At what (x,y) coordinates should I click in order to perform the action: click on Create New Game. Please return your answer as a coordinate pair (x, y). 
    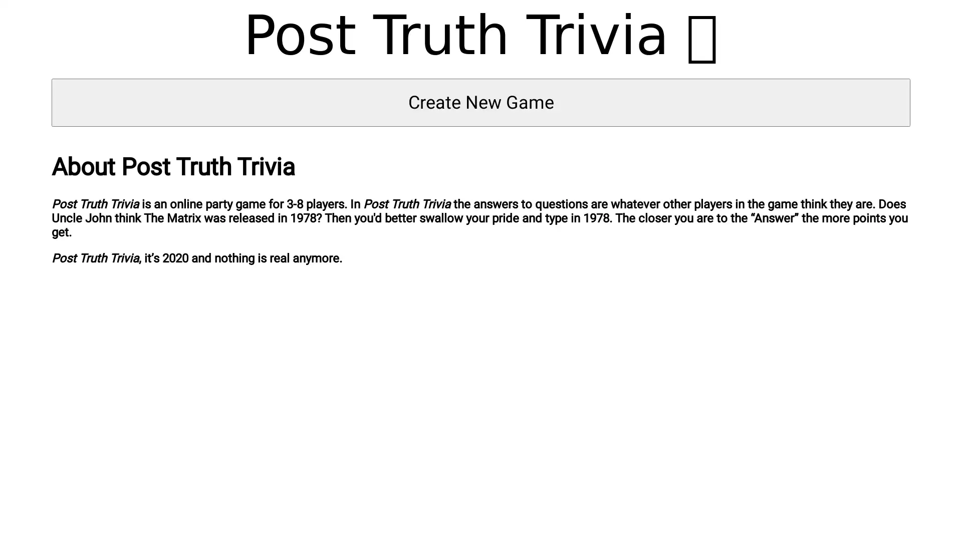
    Looking at the image, I should click on (480, 102).